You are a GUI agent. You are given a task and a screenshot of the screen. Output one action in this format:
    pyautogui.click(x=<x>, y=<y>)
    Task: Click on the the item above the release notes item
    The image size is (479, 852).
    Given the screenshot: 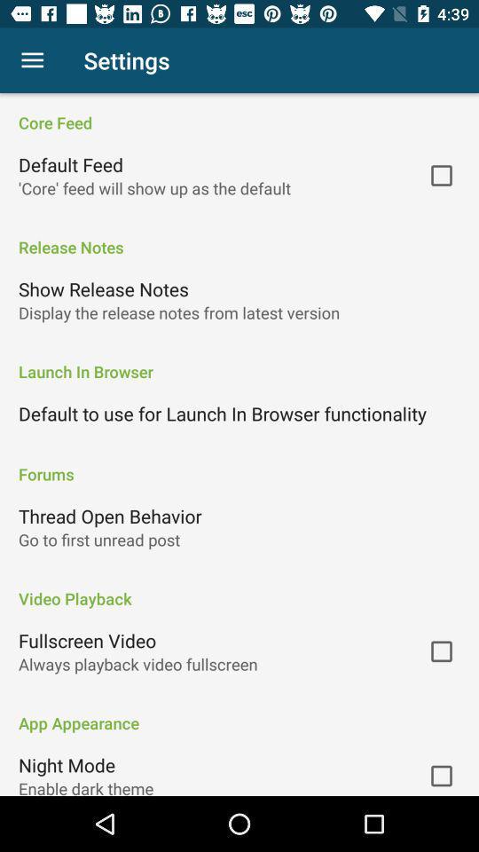 What is the action you would take?
    pyautogui.click(x=154, y=188)
    